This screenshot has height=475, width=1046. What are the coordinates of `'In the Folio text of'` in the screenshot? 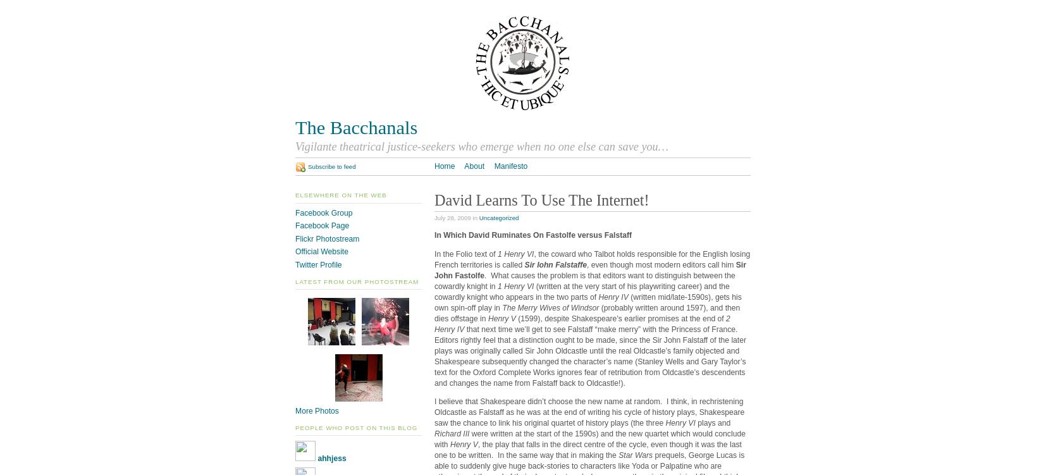 It's located at (466, 253).